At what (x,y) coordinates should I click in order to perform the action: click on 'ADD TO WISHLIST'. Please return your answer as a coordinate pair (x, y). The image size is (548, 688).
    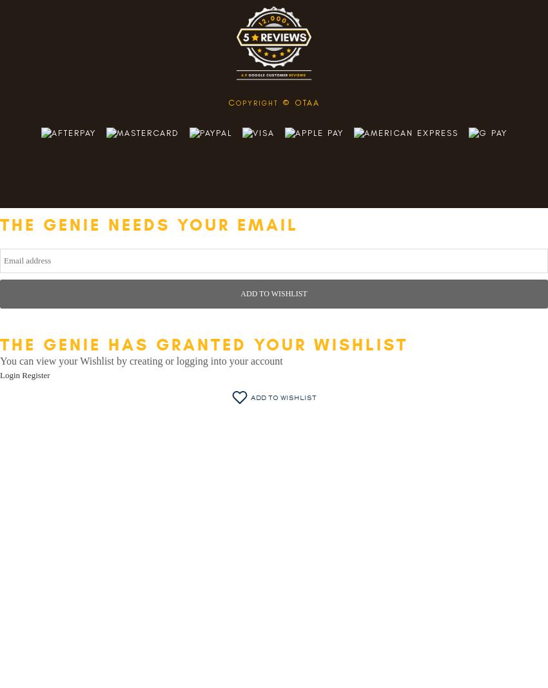
    Looking at the image, I should click on (273, 292).